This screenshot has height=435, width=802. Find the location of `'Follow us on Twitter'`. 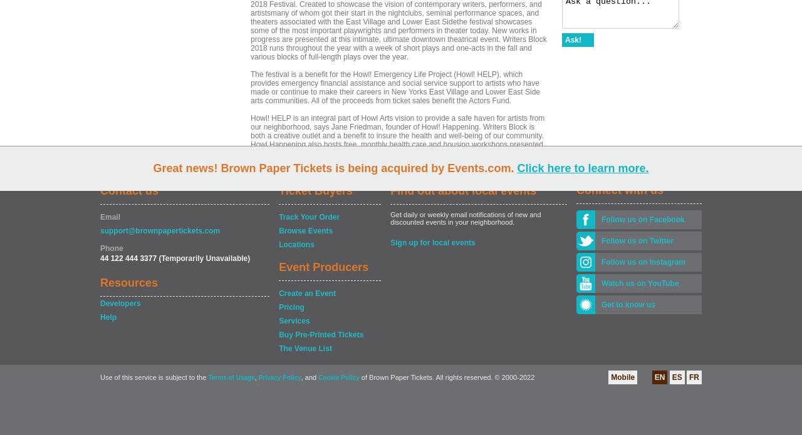

'Follow us on Twitter' is located at coordinates (601, 240).